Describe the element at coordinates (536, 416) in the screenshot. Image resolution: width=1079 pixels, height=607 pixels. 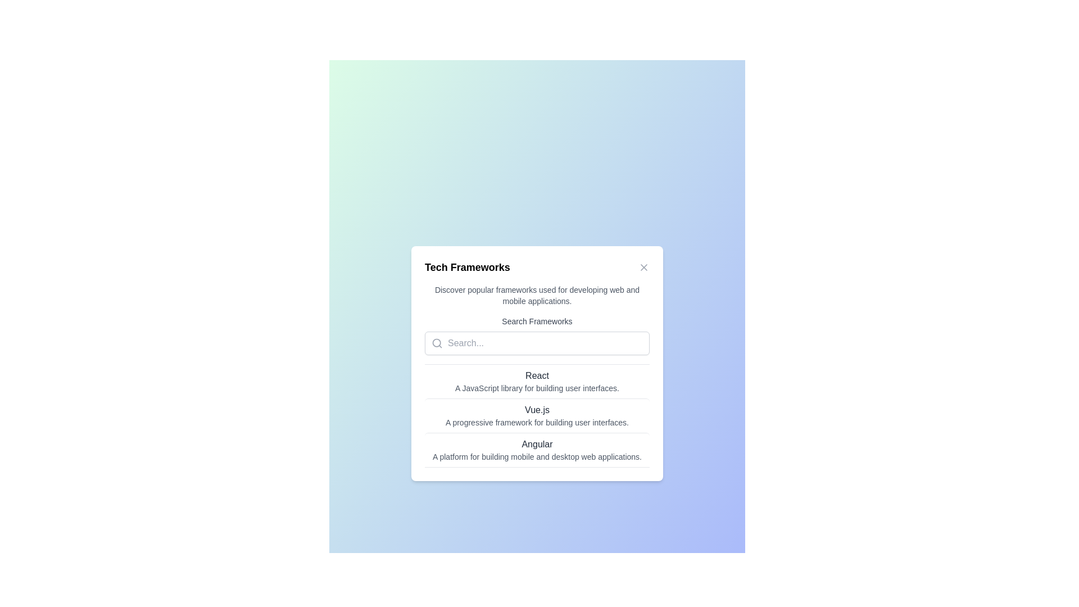
I see `the second row displaying information about the 'Vue.js' framework, which is located between the 'React' and 'Angular' entries in the 'Tech Frameworks' list` at that location.